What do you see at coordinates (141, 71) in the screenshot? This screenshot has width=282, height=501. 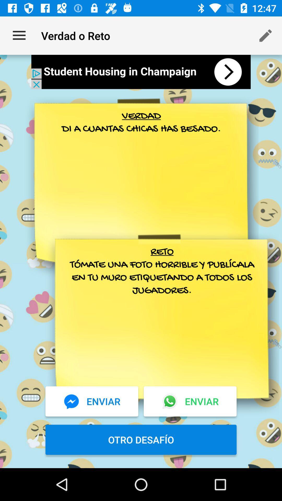 I see `interact with advertisement` at bounding box center [141, 71].